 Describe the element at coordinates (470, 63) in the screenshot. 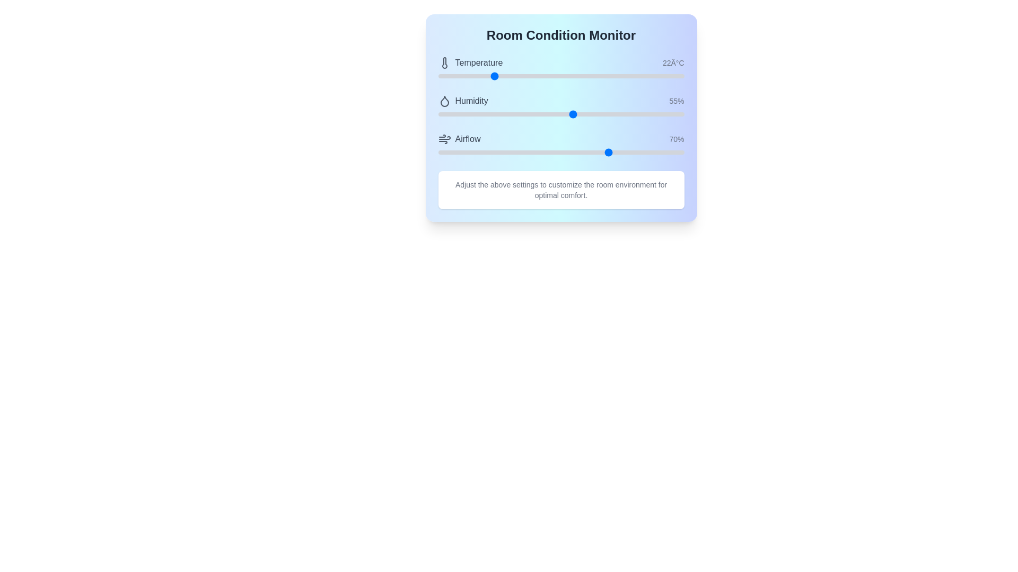

I see `the text label for the temperature value, which is positioned to the left of the numeric value '22°C' in the topmost row of the content section` at that location.